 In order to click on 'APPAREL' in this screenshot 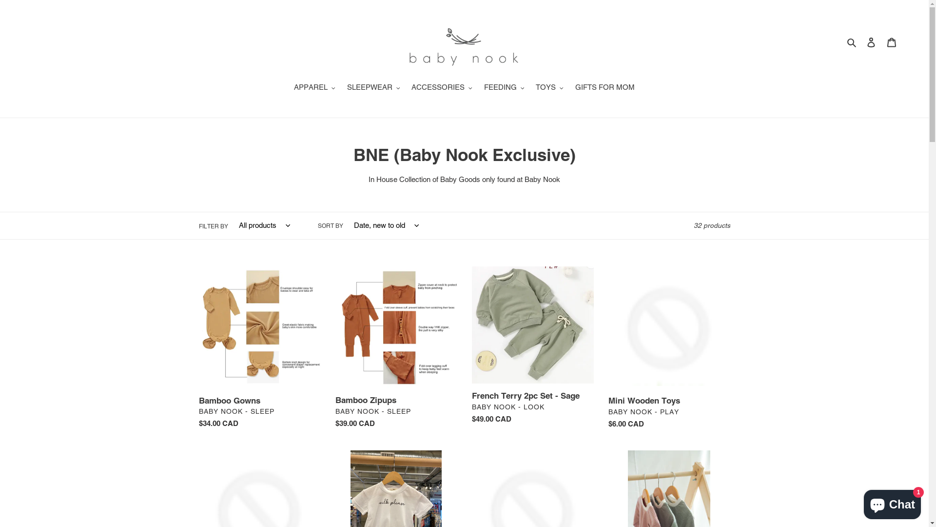, I will do `click(314, 88)`.